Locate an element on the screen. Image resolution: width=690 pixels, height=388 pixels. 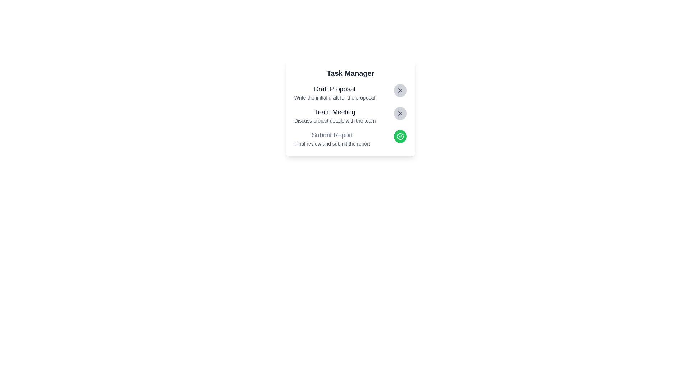
the text label reading 'Discuss project details with the team', which is styled in a small font and light gray color, located below the title 'Team Meeting' is located at coordinates (335, 120).